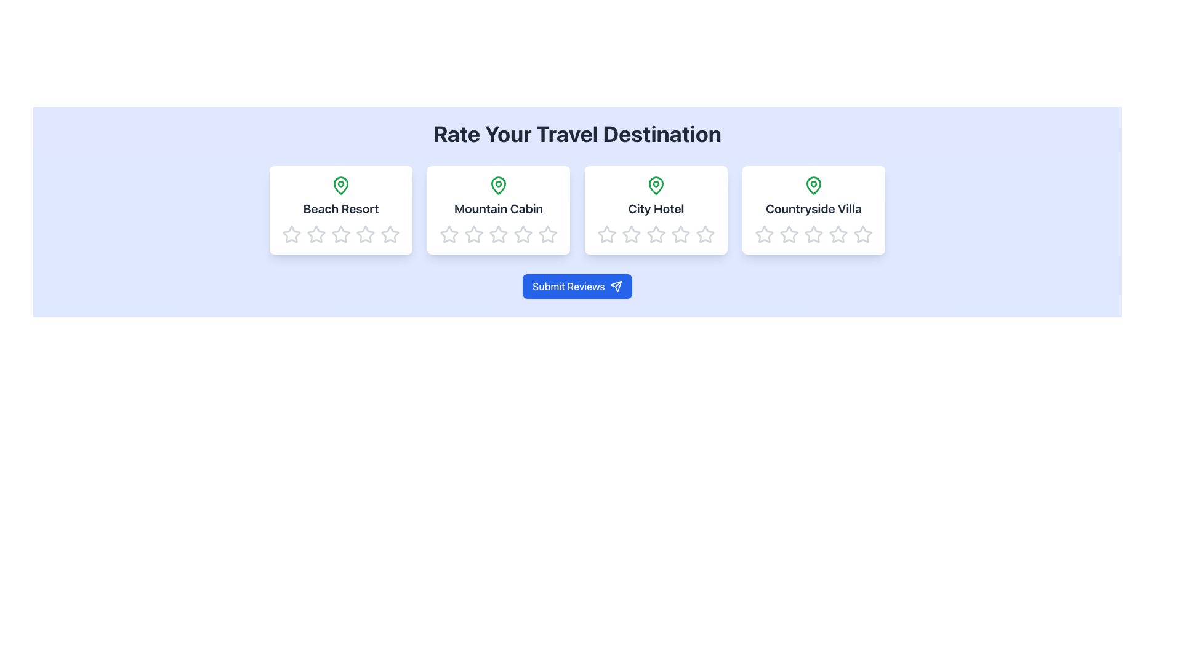 Image resolution: width=1182 pixels, height=664 pixels. Describe the element at coordinates (813, 234) in the screenshot. I see `the third star icon from the left in the five-star rating set beneath the card titled 'Countryside Villa'` at that location.